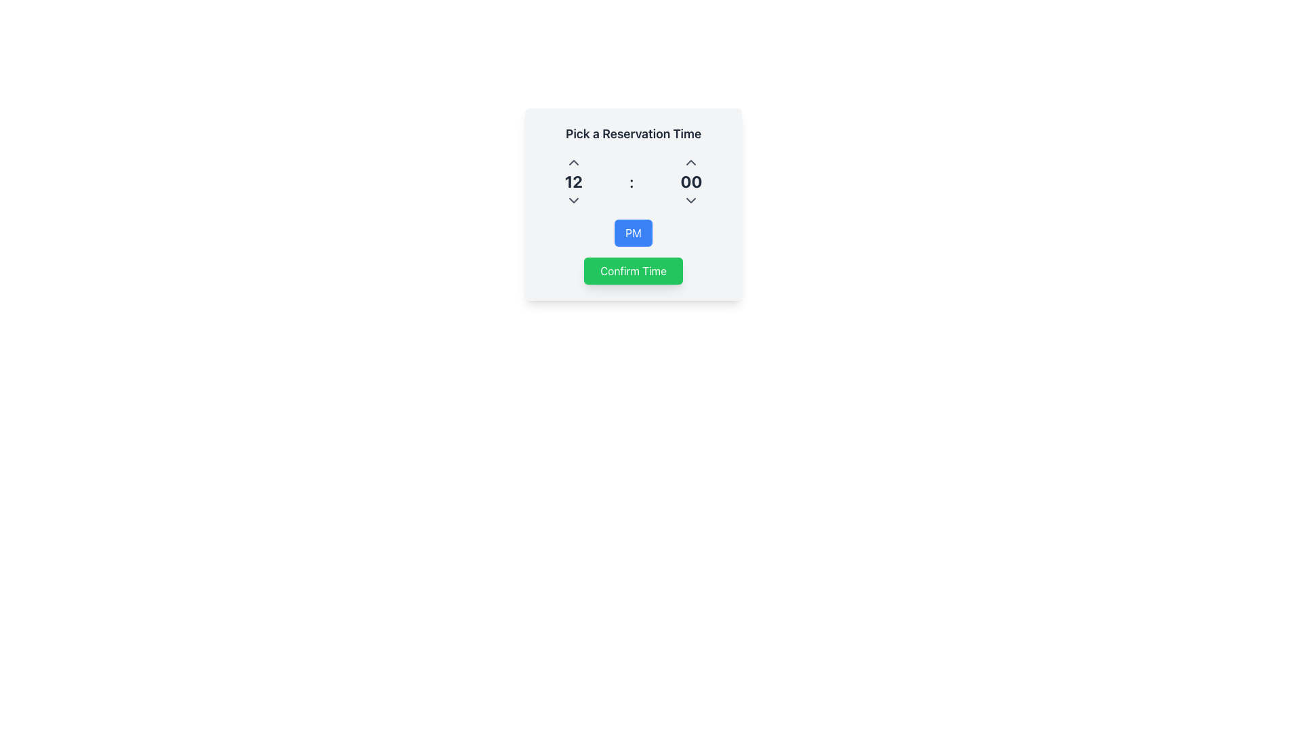 This screenshot has width=1301, height=732. I want to click on the rectangular green 'Confirm Time' button with white bold text, located at the bottom center of the reservation form, beneath the 'PM' button, so click(633, 271).